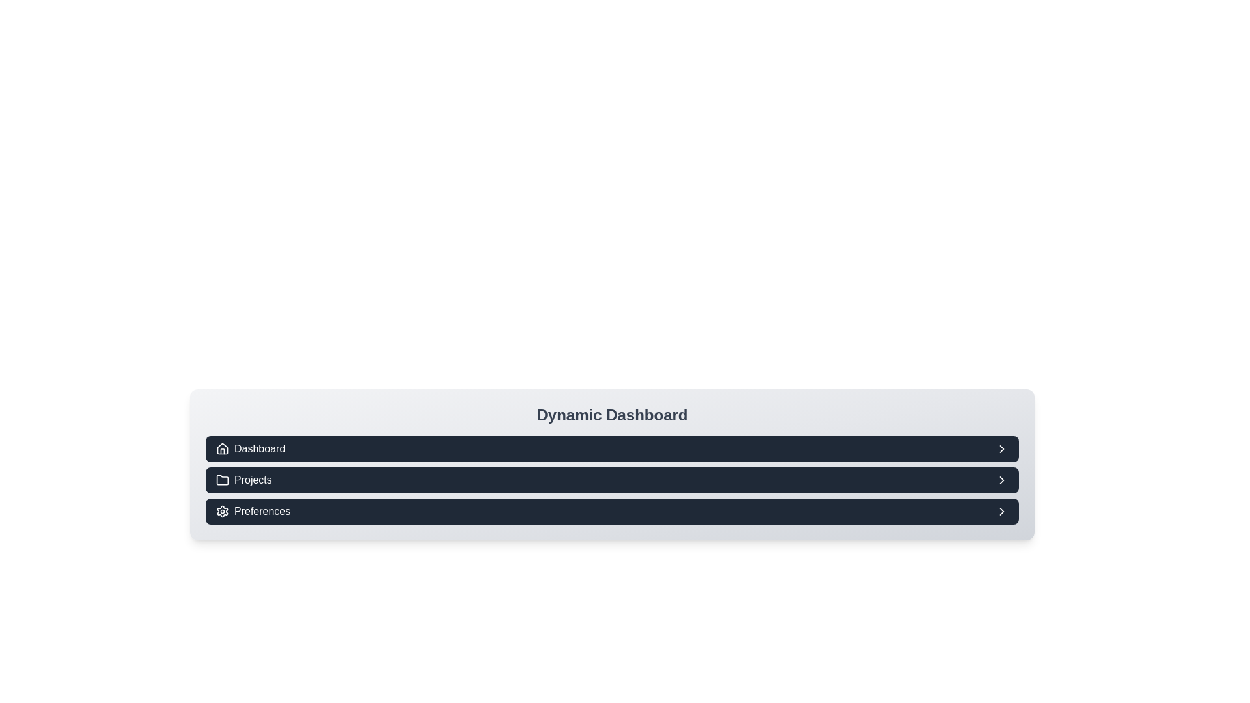 The image size is (1250, 703). What do you see at coordinates (222, 511) in the screenshot?
I see `the settings icon located at the top-left corner of the 'Preferences' list item, just before the text 'Preferences'` at bounding box center [222, 511].